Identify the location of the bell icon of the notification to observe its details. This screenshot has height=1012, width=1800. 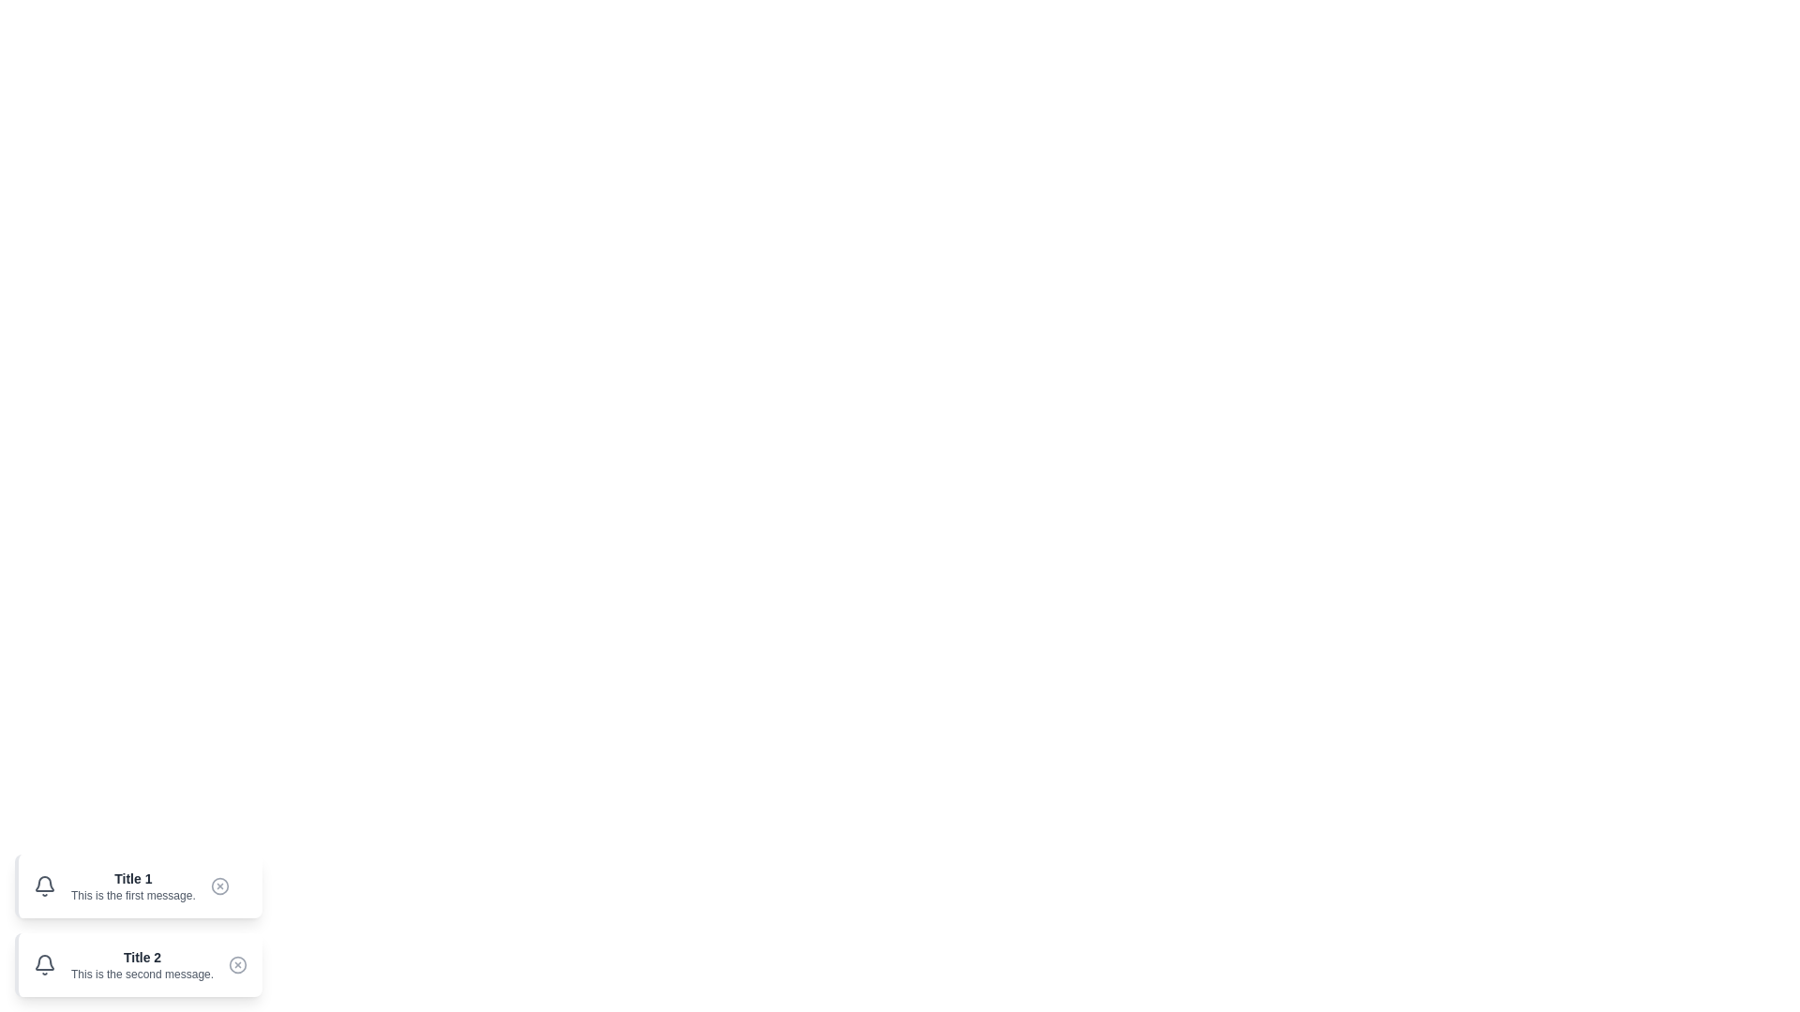
(45, 885).